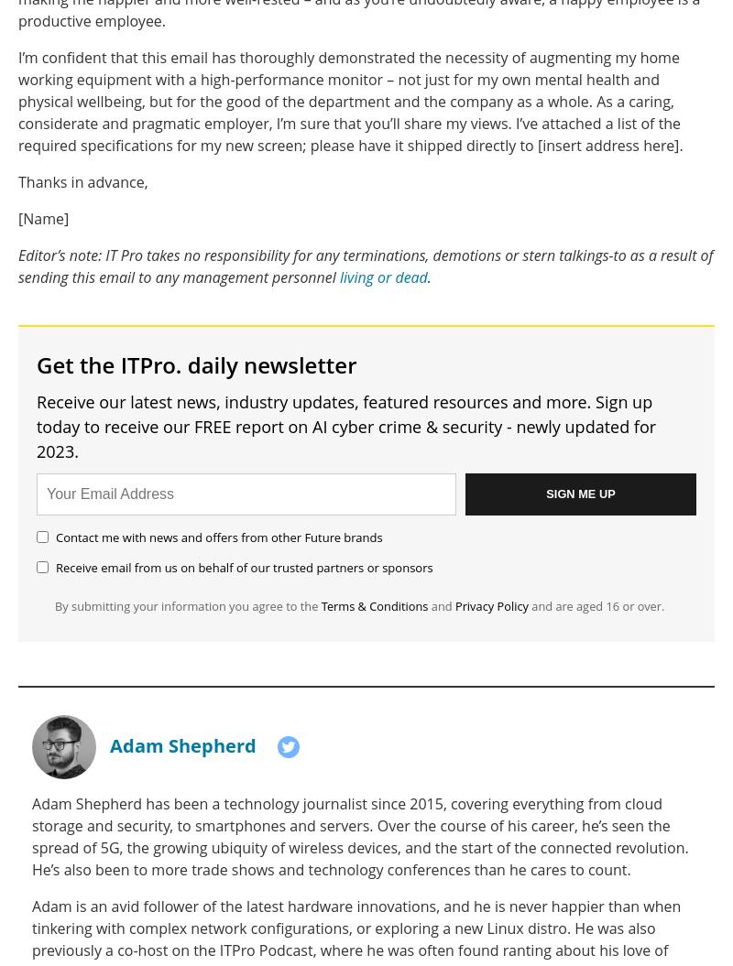 Image resolution: width=733 pixels, height=966 pixels. I want to click on 'Thanks in advance,', so click(82, 180).